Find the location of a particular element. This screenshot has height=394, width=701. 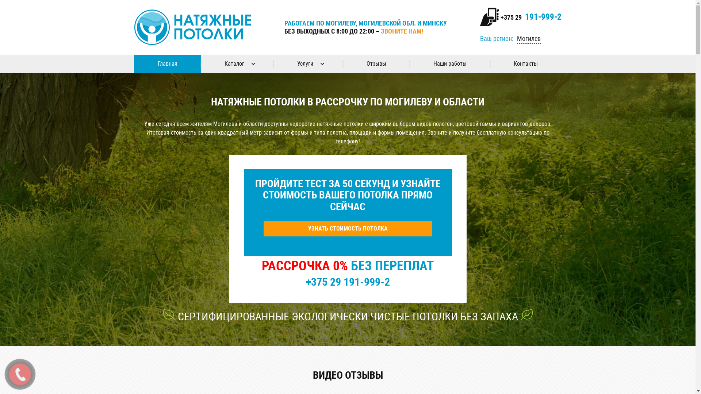

'+375 29 191-999-2' is located at coordinates (348, 281).